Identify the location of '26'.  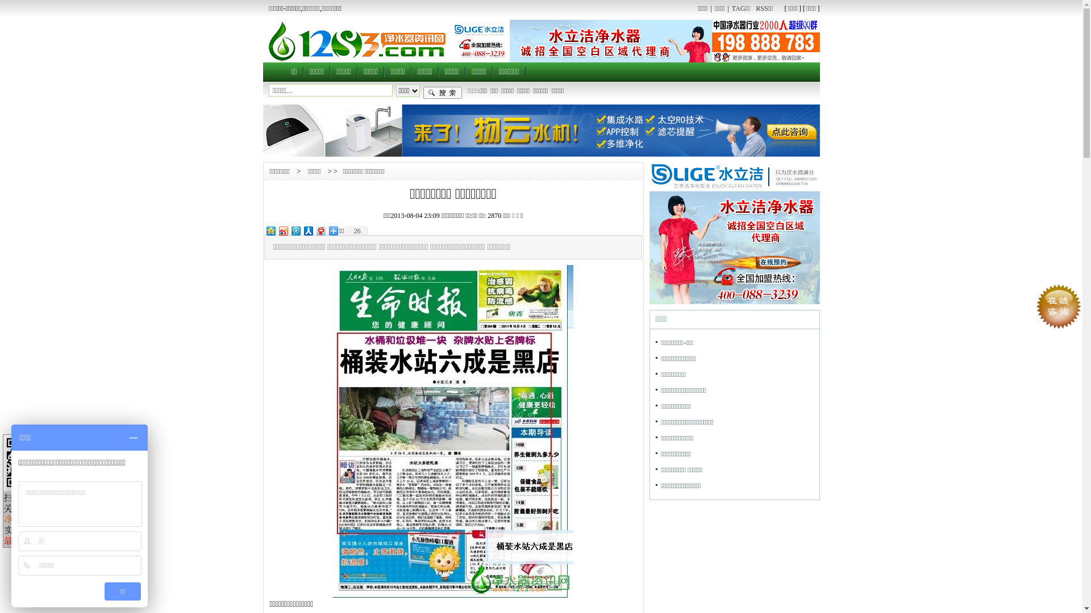
(343, 230).